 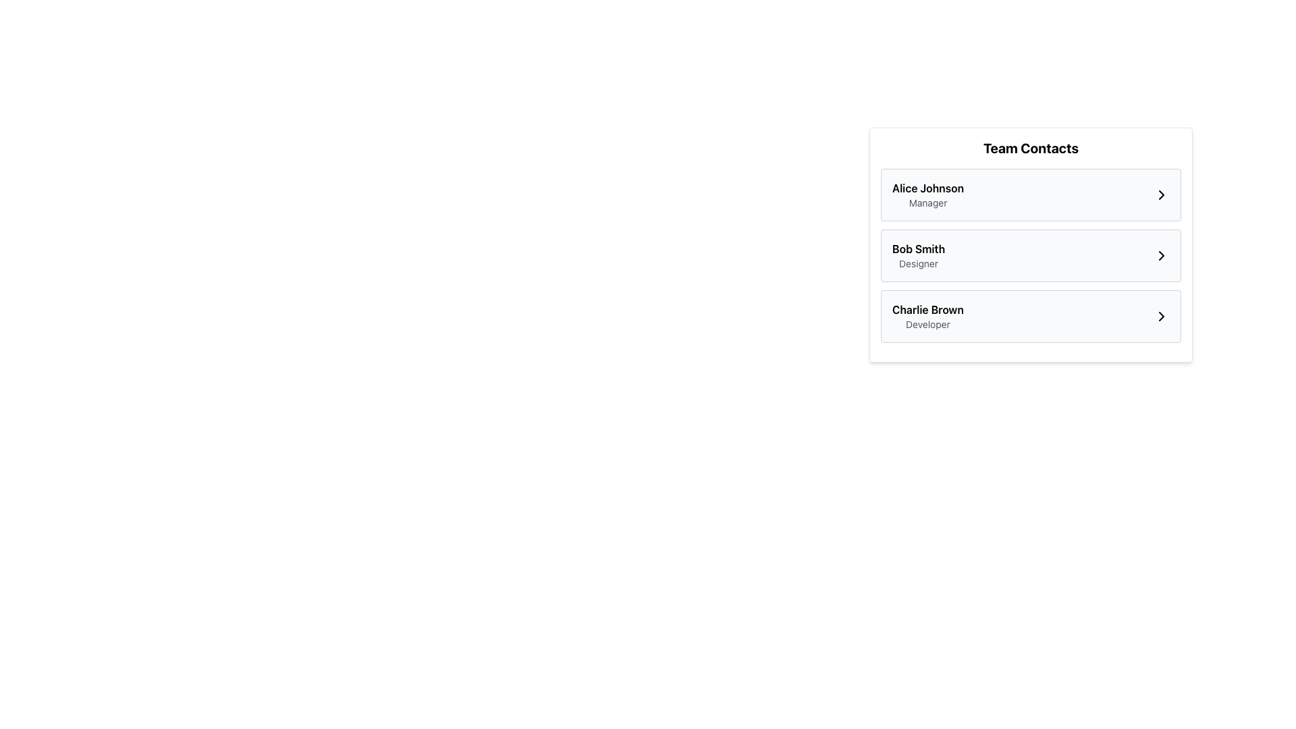 I want to click on the text label displaying the name of a team member in the contact list, located in the center of the card above the 'Designer' label, so click(x=918, y=249).